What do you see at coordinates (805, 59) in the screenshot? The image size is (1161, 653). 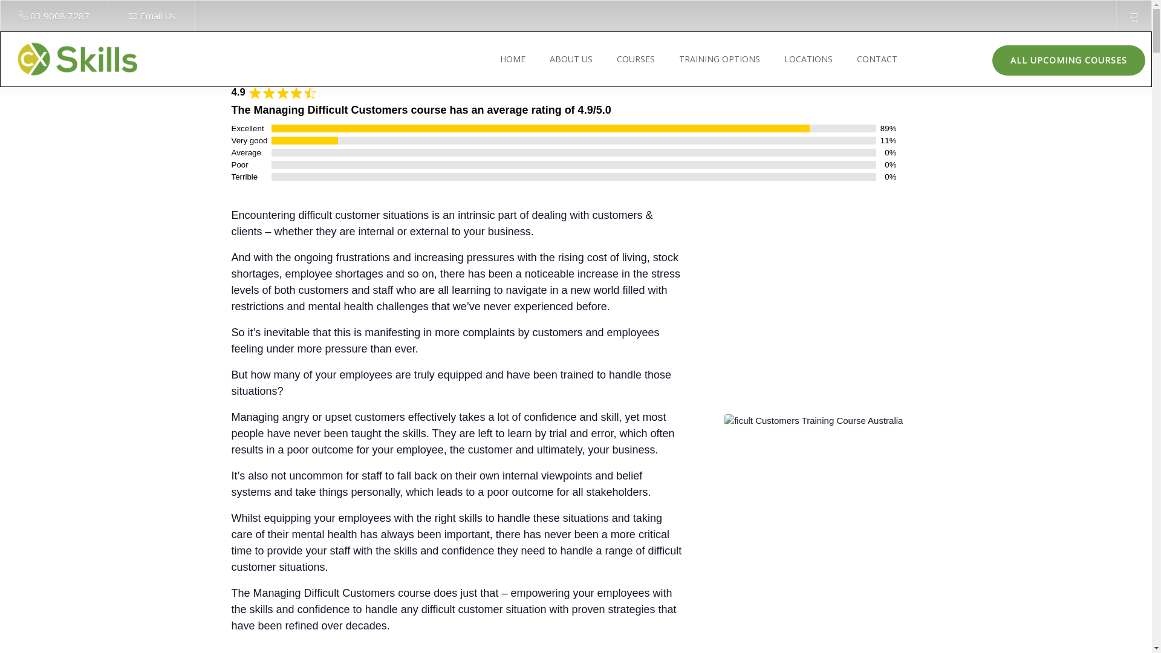 I see `'LOCATIONS'` at bounding box center [805, 59].